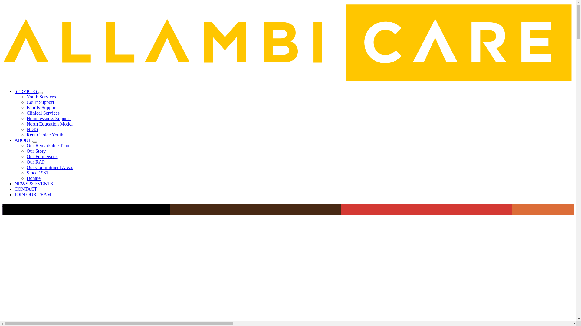 The image size is (581, 326). What do you see at coordinates (49, 123) in the screenshot?
I see `'North Education Model'` at bounding box center [49, 123].